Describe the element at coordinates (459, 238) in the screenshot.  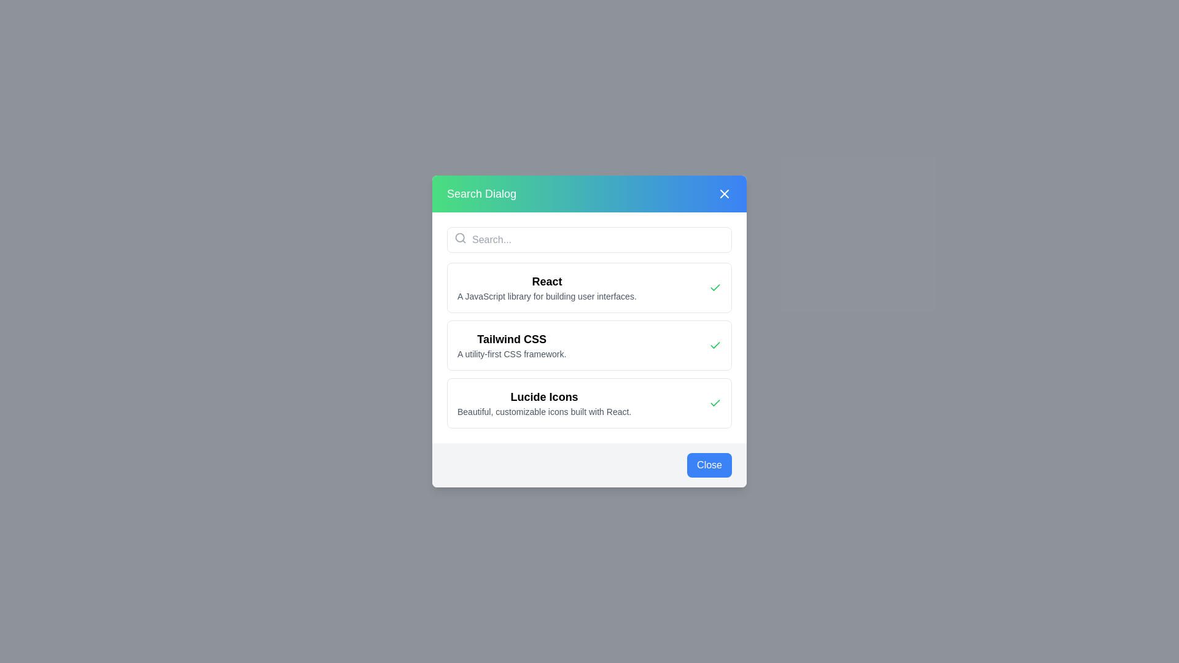
I see `the search icon, which is a gray magnifying glass located at the top left corner of the search bar adjacent to the placeholder text 'Search...'` at that location.